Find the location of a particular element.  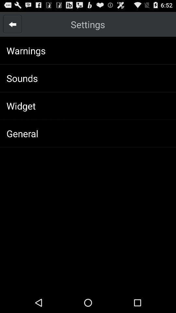

sounds item is located at coordinates (22, 78).